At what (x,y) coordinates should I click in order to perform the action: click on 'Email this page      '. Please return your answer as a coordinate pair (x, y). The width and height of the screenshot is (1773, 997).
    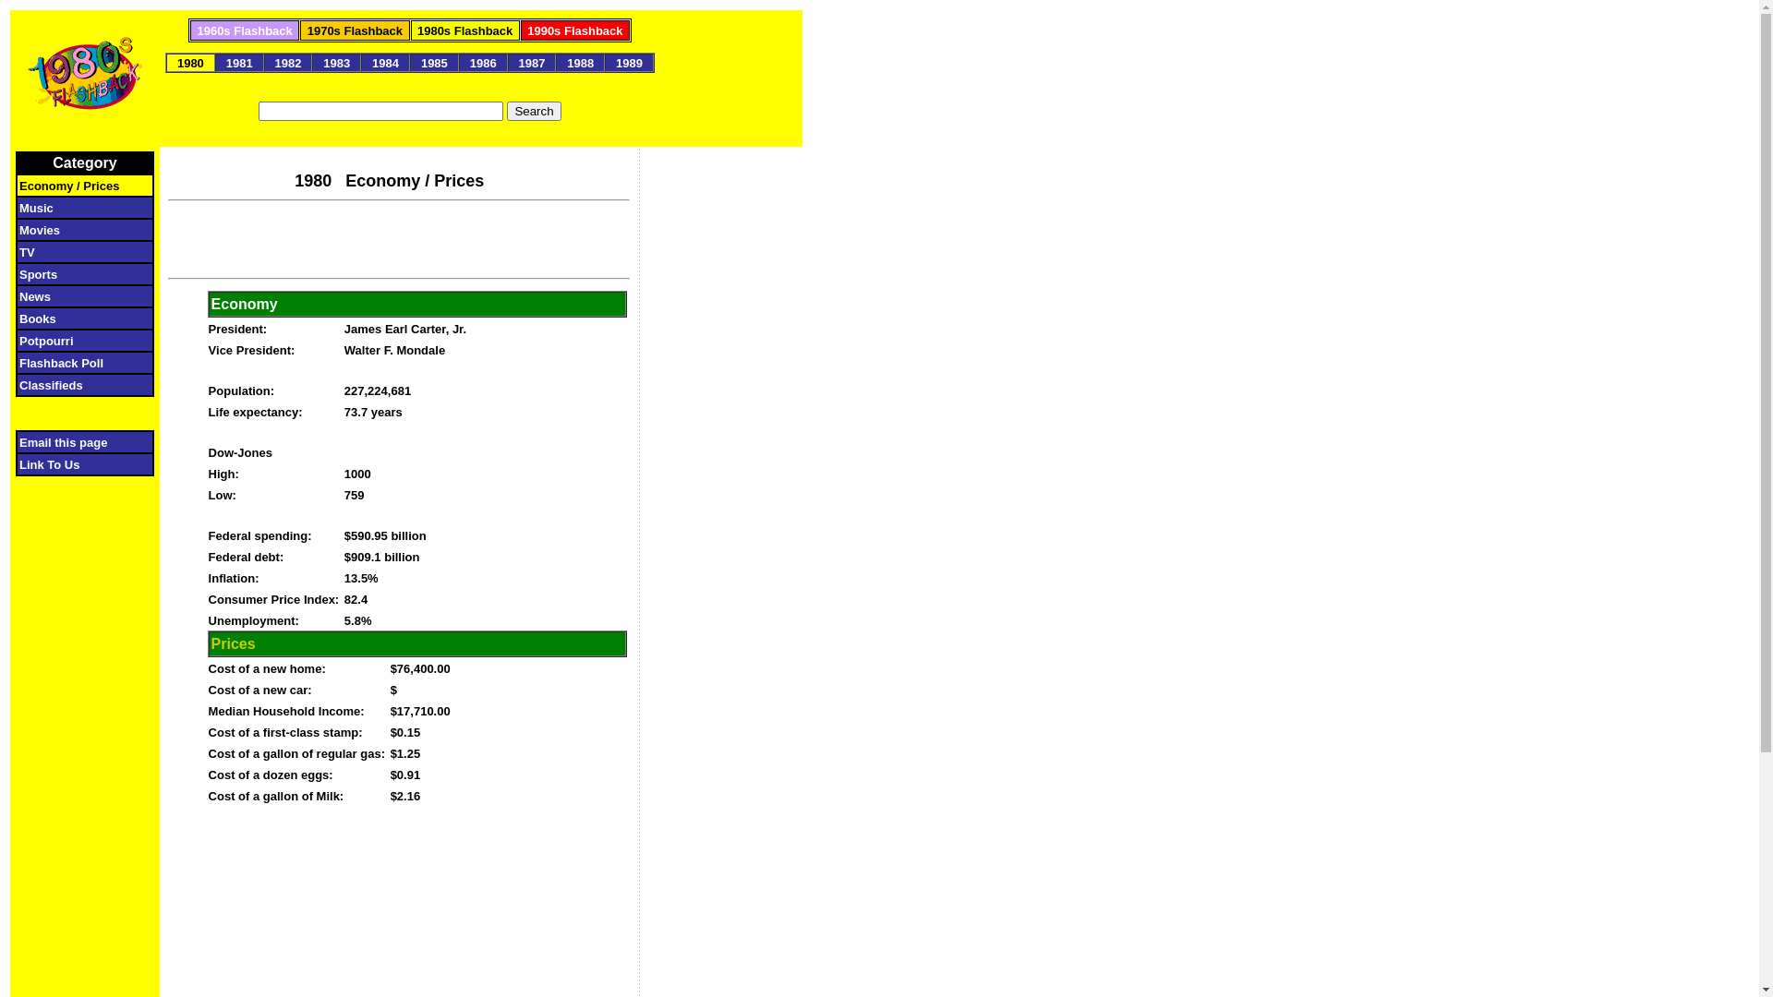
    Looking at the image, I should click on (73, 441).